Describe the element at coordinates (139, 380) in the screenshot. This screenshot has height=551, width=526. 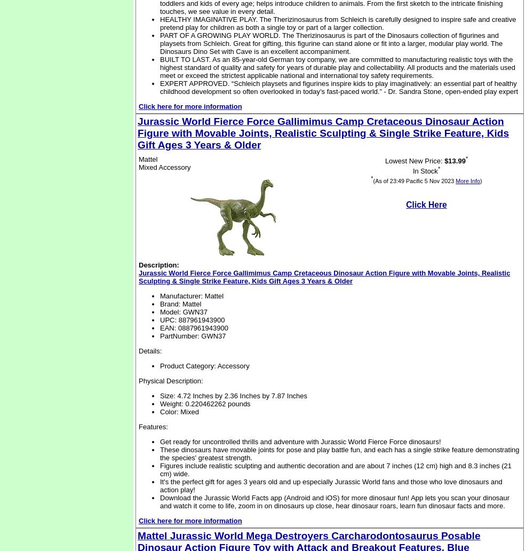
I see `'Physical Description:'` at that location.